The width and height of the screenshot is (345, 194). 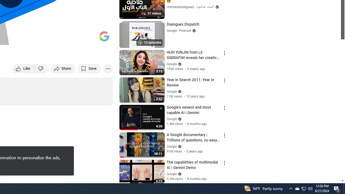 What do you see at coordinates (179, 174) in the screenshot?
I see `'Verified'` at bounding box center [179, 174].